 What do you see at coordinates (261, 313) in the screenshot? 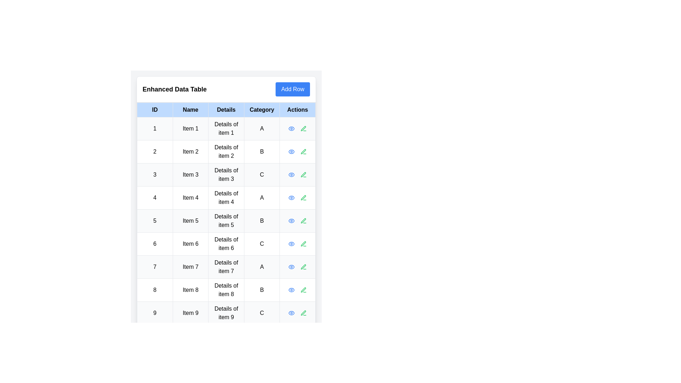
I see `the static text element representing a category value in the fourth cell of the last row of the table, which provides categorical information` at bounding box center [261, 313].